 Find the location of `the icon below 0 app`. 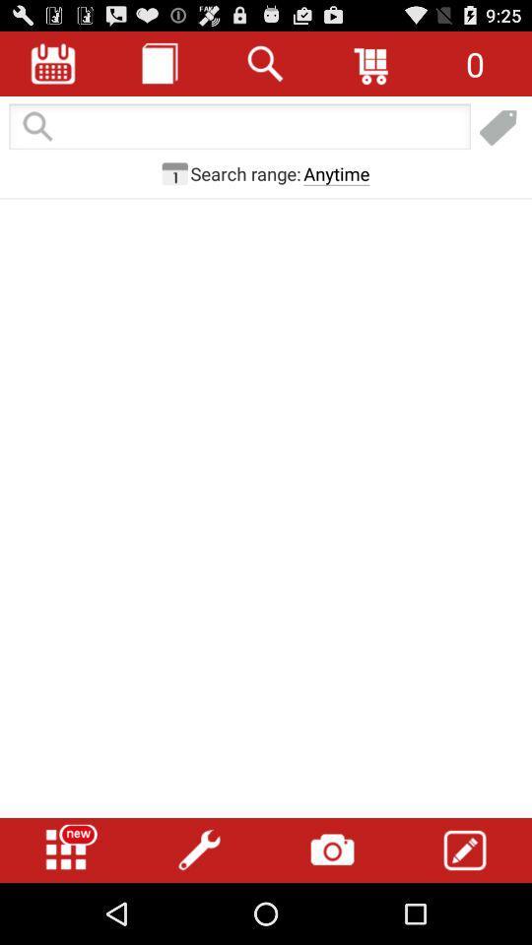

the icon below 0 app is located at coordinates (498, 127).